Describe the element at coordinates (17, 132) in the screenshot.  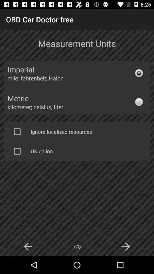
I see `for on and off` at that location.